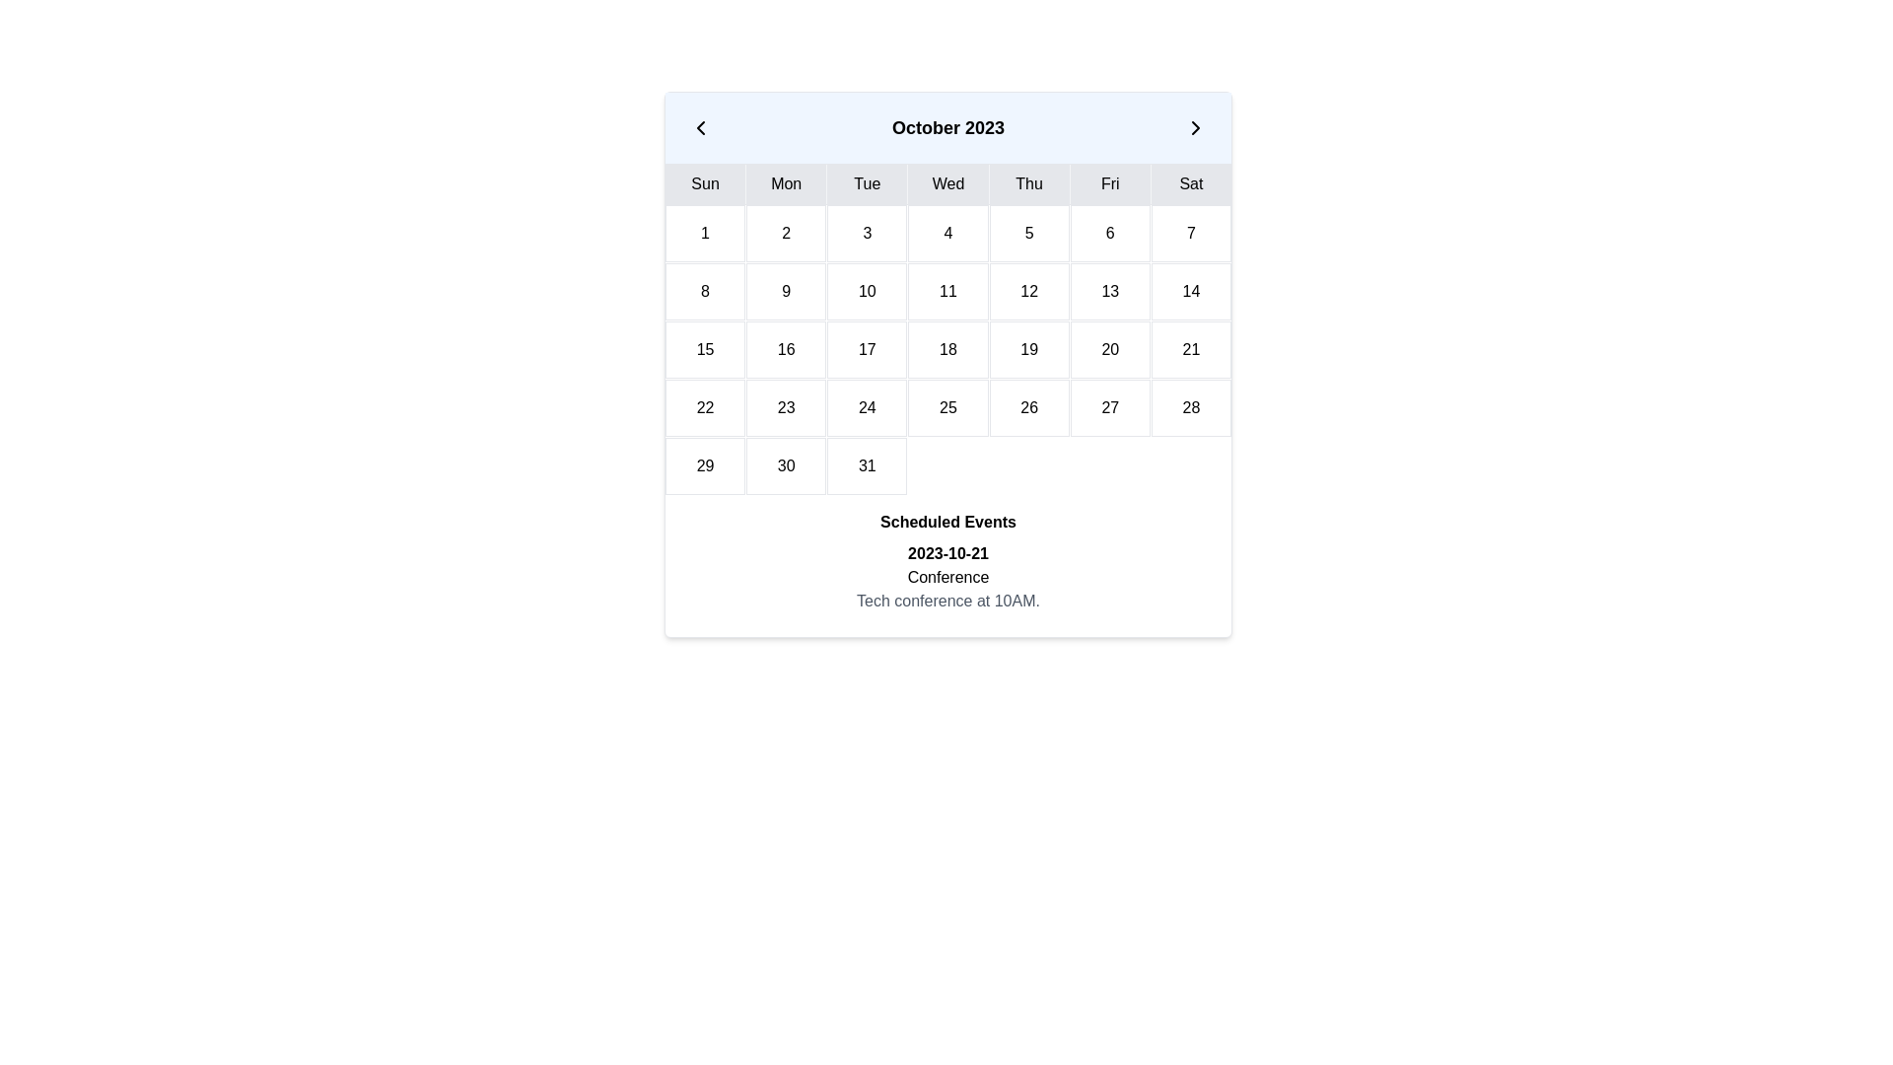  Describe the element at coordinates (1110, 348) in the screenshot. I see `the box containing the number '20' in bold text, located in the fifth column of the third row of the calendar grid layout` at that location.